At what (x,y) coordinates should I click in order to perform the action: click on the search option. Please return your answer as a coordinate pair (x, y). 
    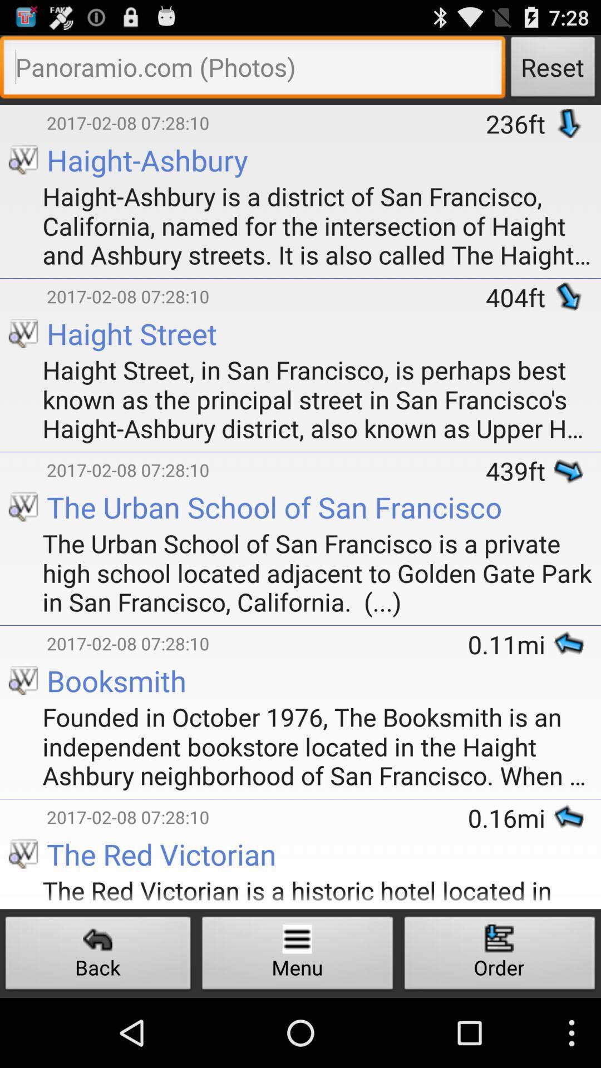
    Looking at the image, I should click on (253, 69).